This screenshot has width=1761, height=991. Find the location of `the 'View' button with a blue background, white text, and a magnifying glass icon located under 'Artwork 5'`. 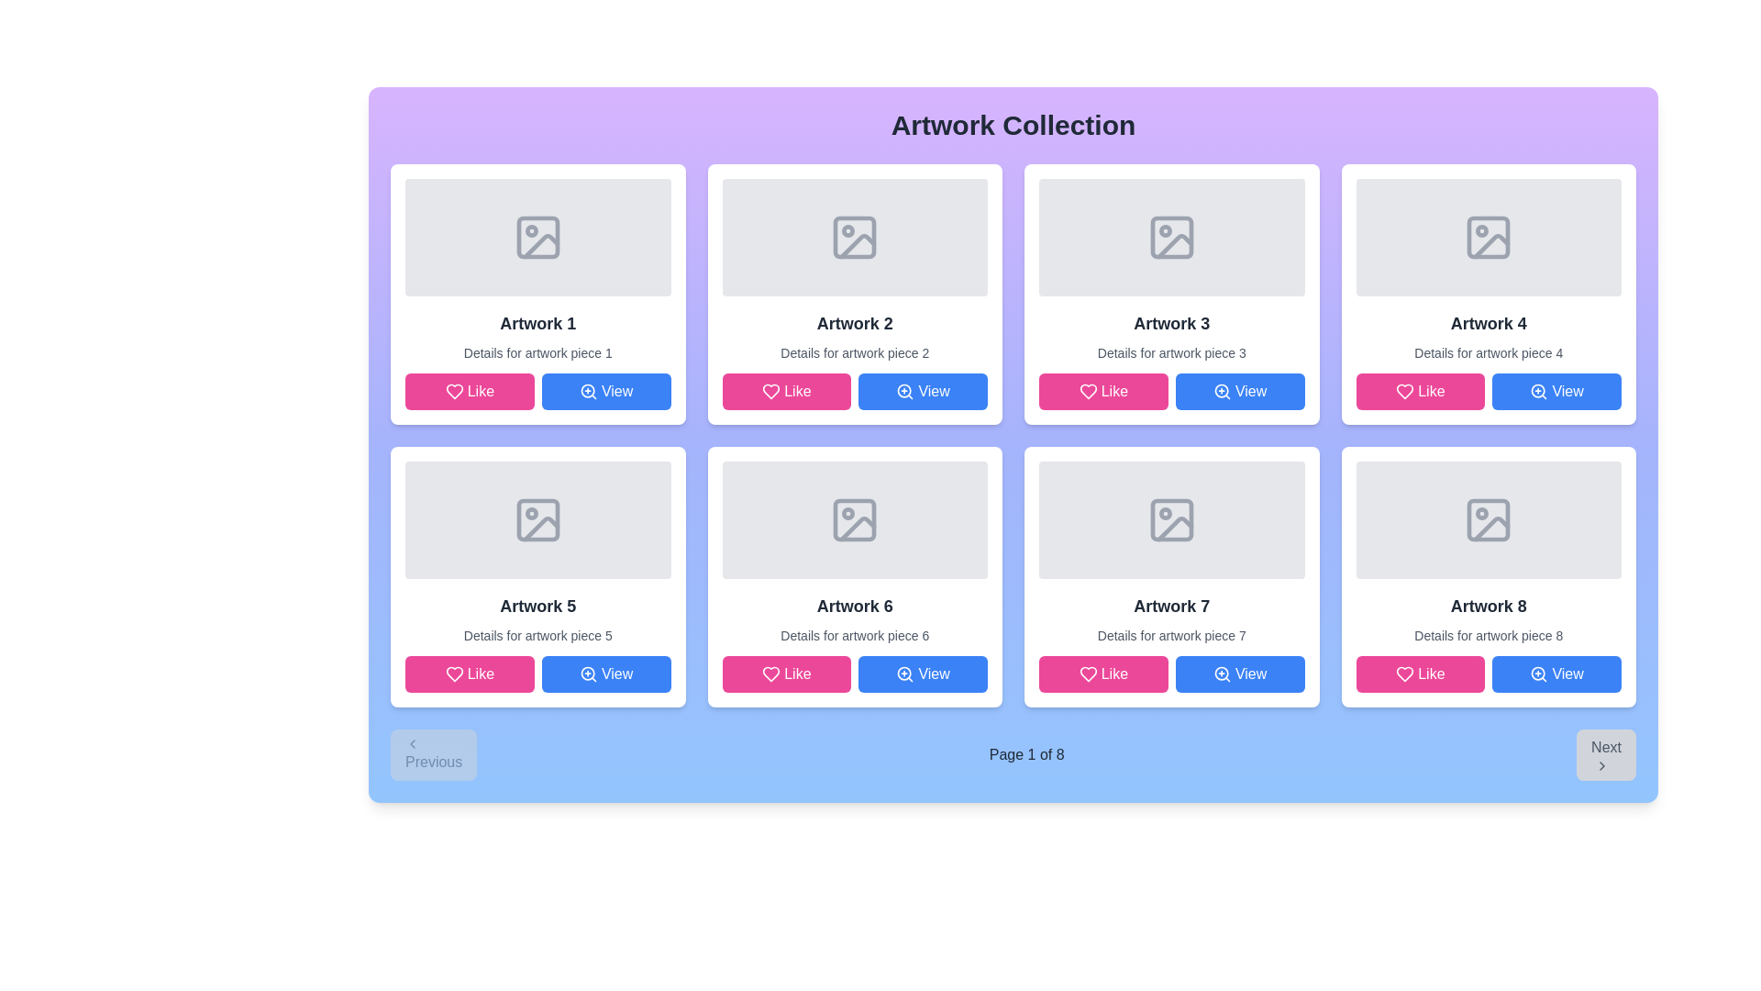

the 'View' button with a blue background, white text, and a magnifying glass icon located under 'Artwork 5' is located at coordinates (606, 674).